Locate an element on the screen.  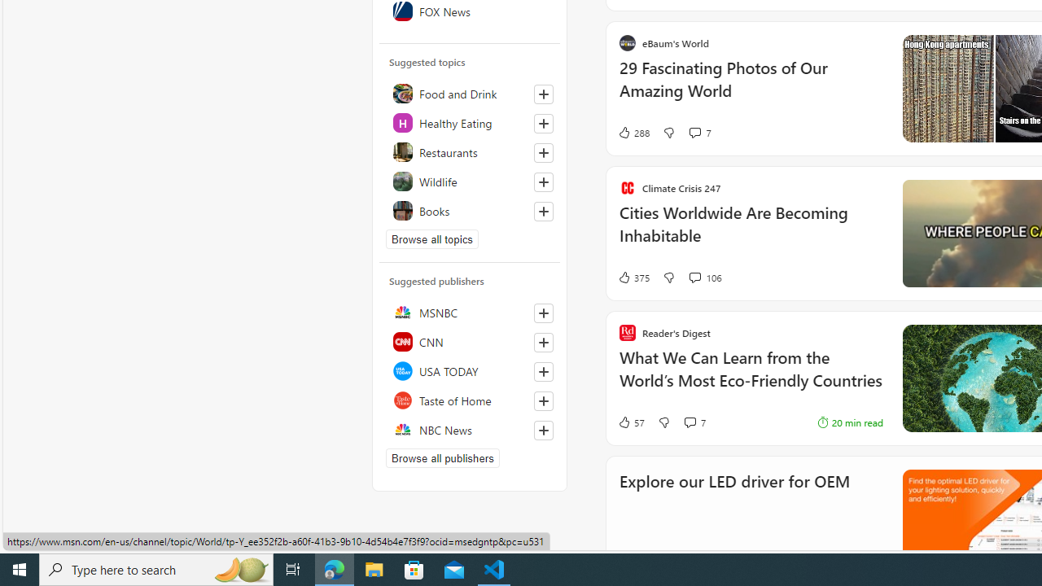
'Taste of Home' is located at coordinates (469, 400).